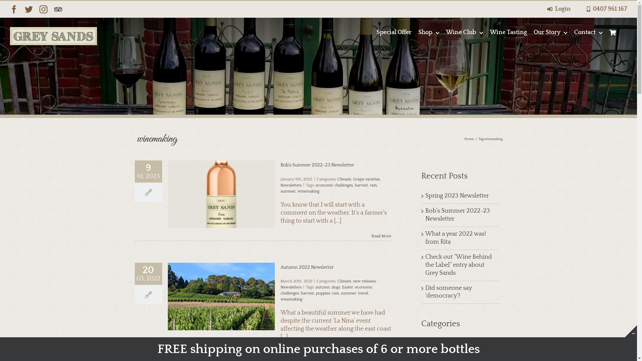 The image size is (642, 361). Describe the element at coordinates (326, 290) in the screenshot. I see `'economic challenges'` at that location.